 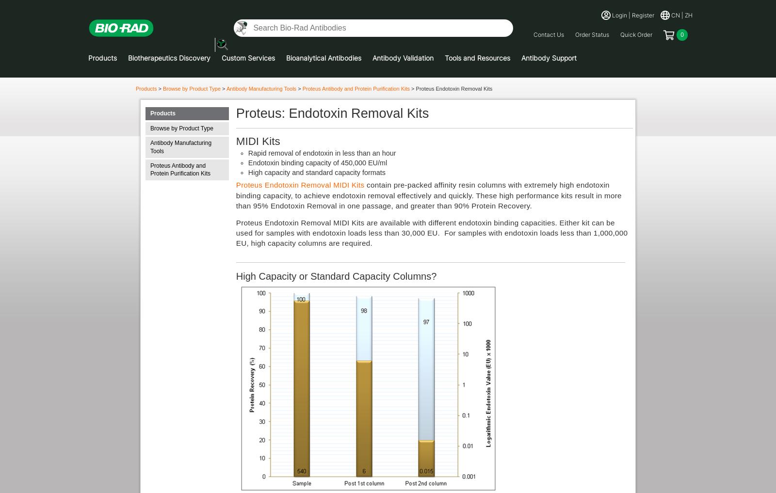 What do you see at coordinates (682, 14) in the screenshot?
I see `'|'` at bounding box center [682, 14].